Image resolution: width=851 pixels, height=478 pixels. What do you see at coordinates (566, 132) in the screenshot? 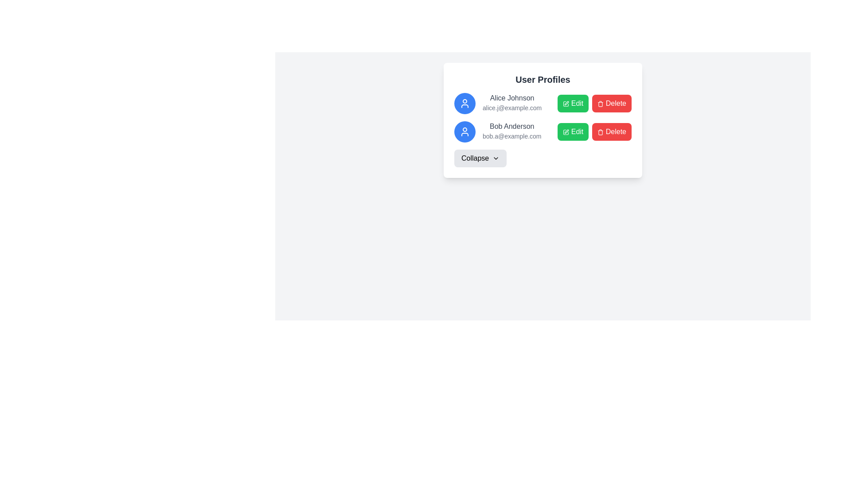
I see `the editing icon located within the green 'Edit' button adjacent to the red 'Delete' button to potentially reveal a tooltip` at bounding box center [566, 132].